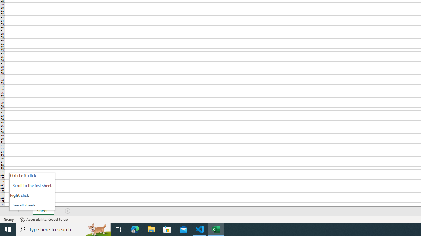  Describe the element at coordinates (44, 219) in the screenshot. I see `'Accessibility Checker Accessibility: Good to go'` at that location.